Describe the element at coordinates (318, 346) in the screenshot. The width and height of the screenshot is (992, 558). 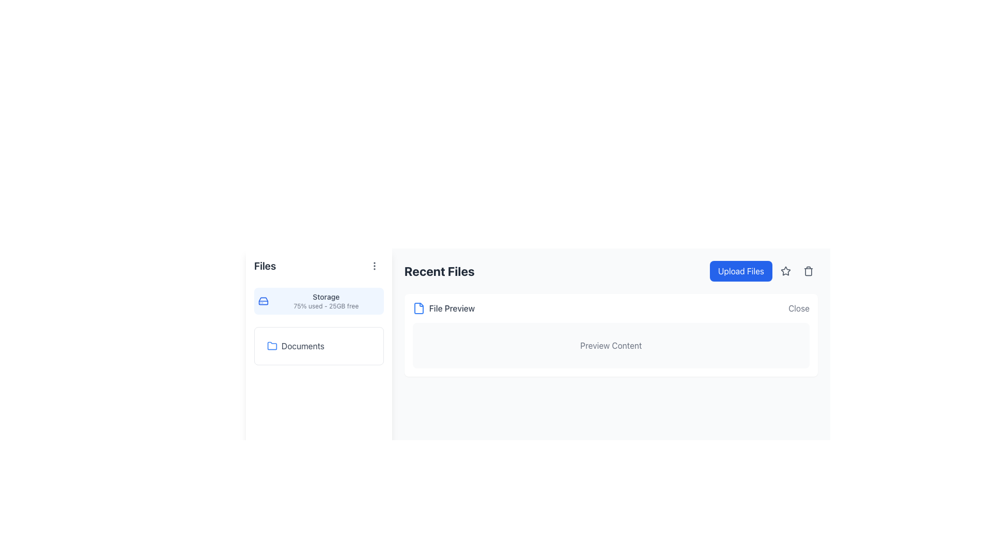
I see `the 'Documents' folder item in the left panel of the interface` at that location.